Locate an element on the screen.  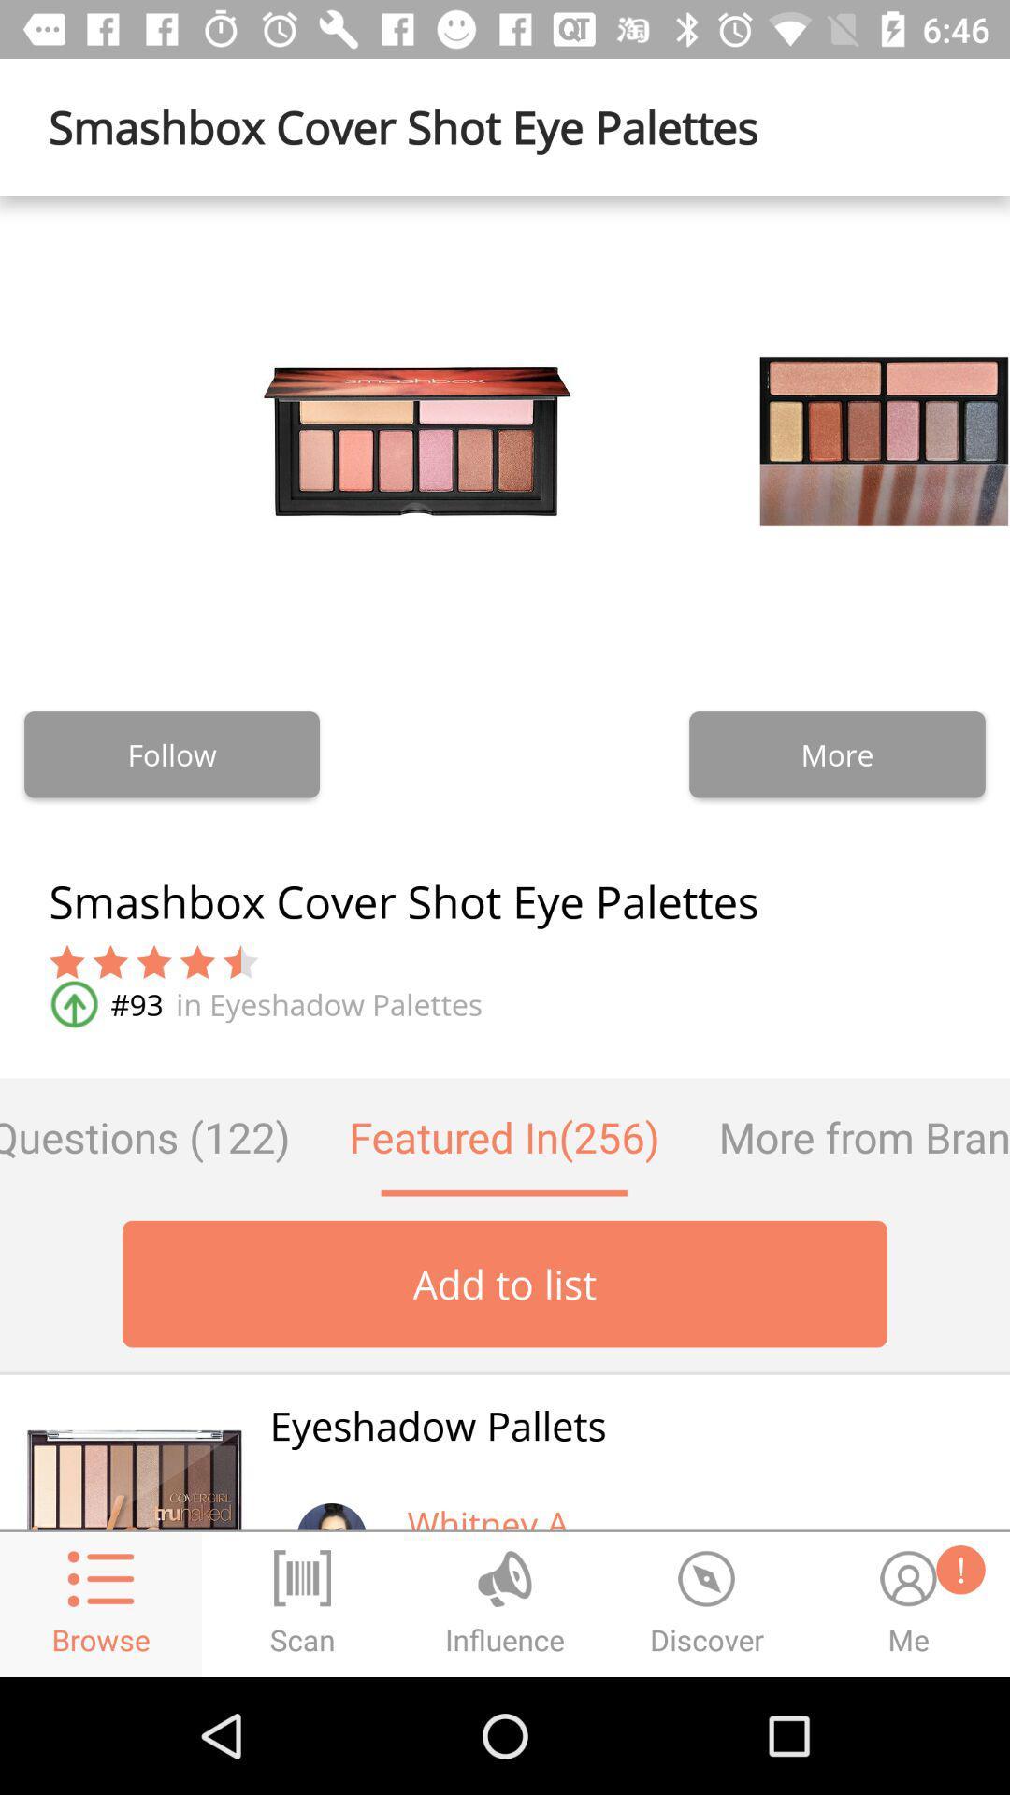
the time icon is located at coordinates (707, 1603).